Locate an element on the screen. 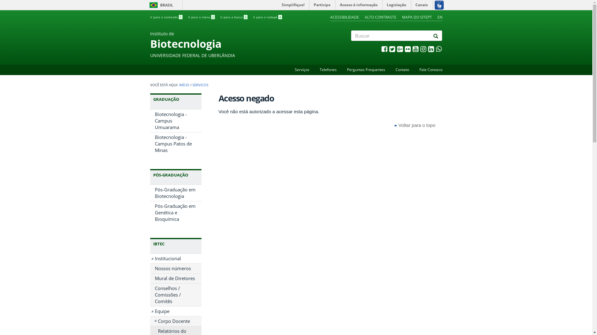 The height and width of the screenshot is (335, 597). 'Mural de Diretores' is located at coordinates (150, 278).